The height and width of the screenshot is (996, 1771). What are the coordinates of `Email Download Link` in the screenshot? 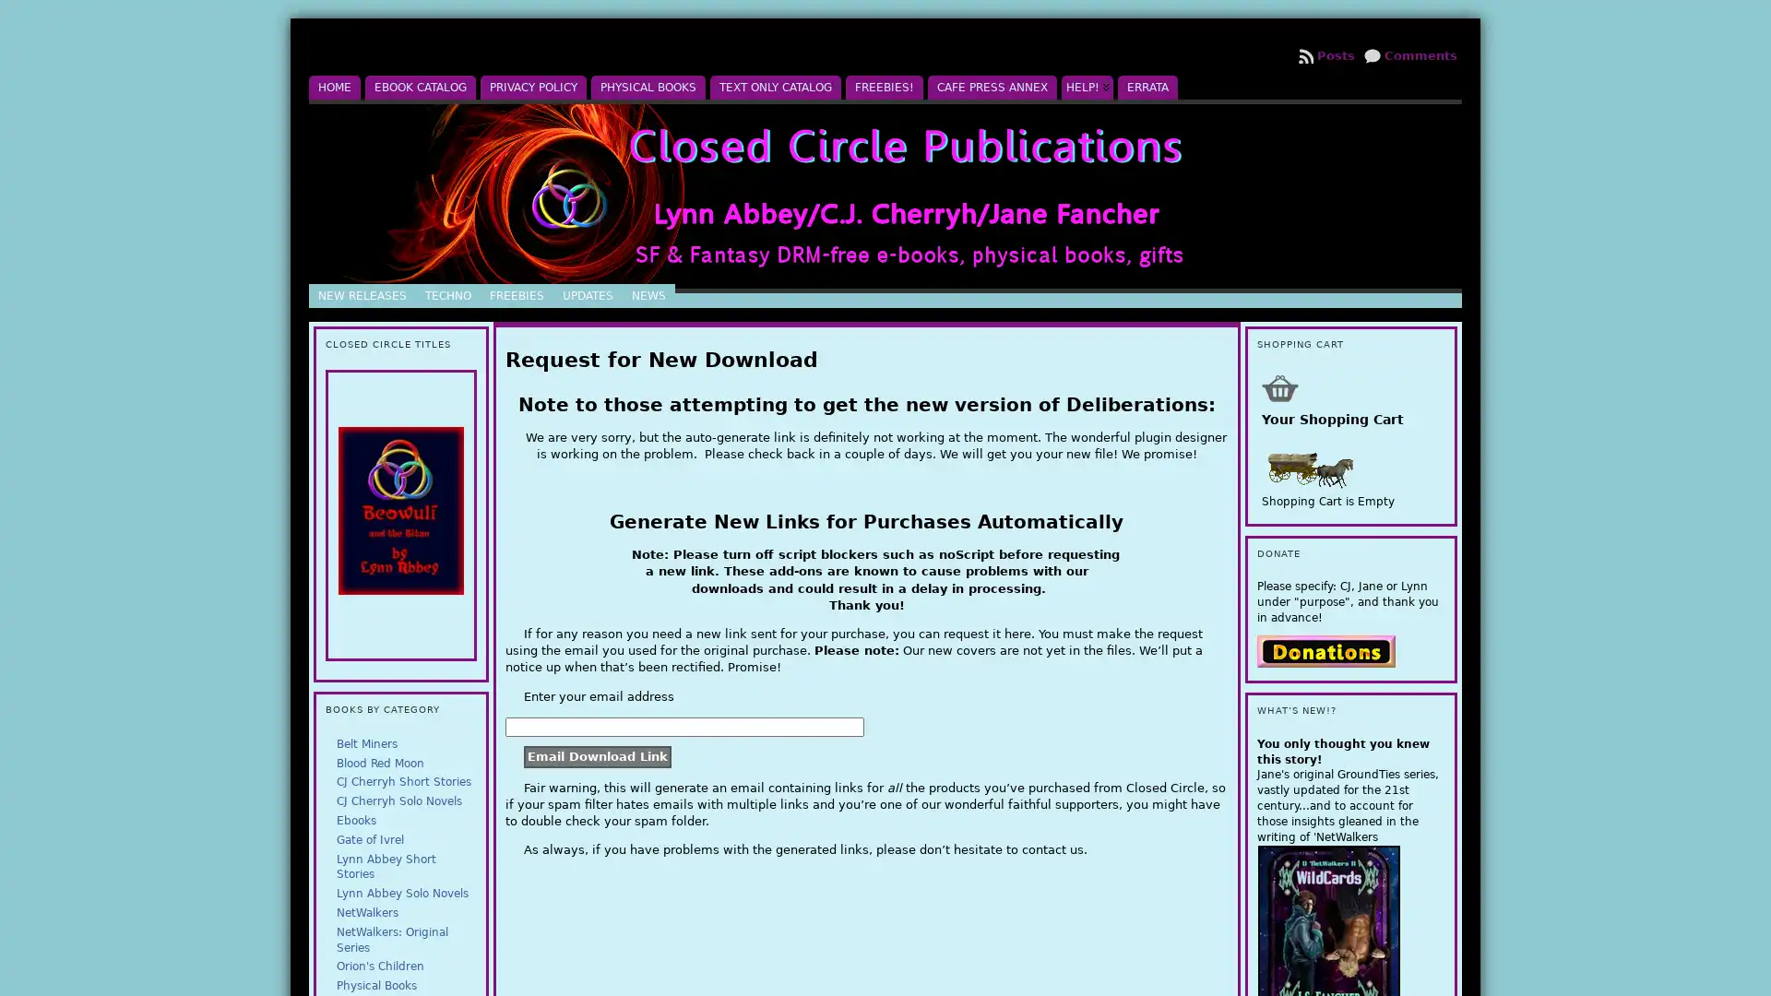 It's located at (598, 756).